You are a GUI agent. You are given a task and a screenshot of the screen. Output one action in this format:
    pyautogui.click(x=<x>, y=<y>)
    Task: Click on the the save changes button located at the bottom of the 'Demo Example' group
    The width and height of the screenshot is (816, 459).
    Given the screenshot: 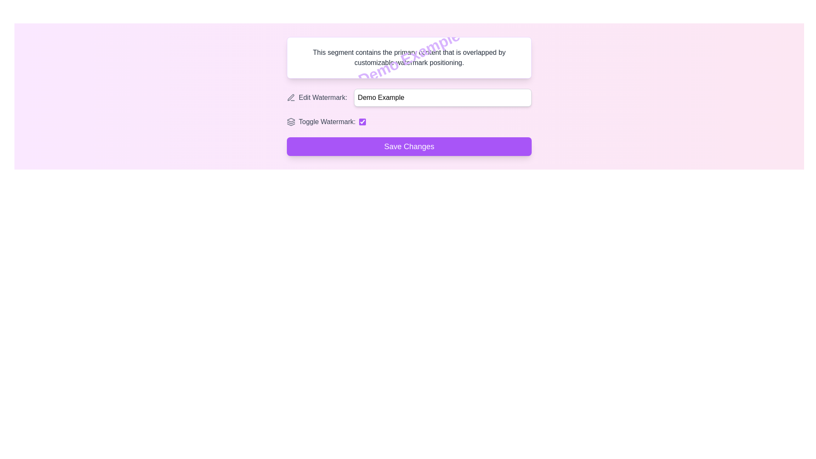 What is the action you would take?
    pyautogui.click(x=409, y=146)
    